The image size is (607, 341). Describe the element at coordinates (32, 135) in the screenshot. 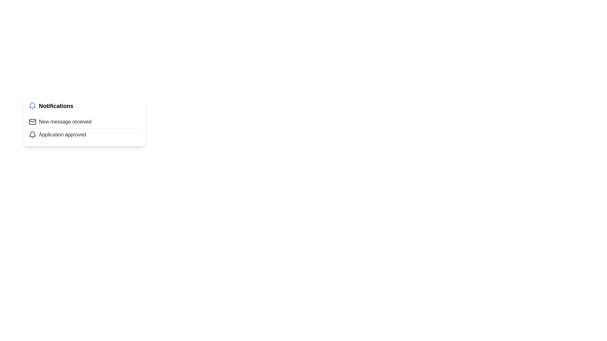

I see `the notification icon located at the top-left corner of the row displaying 'Application approved', positioned to the left of the text` at that location.